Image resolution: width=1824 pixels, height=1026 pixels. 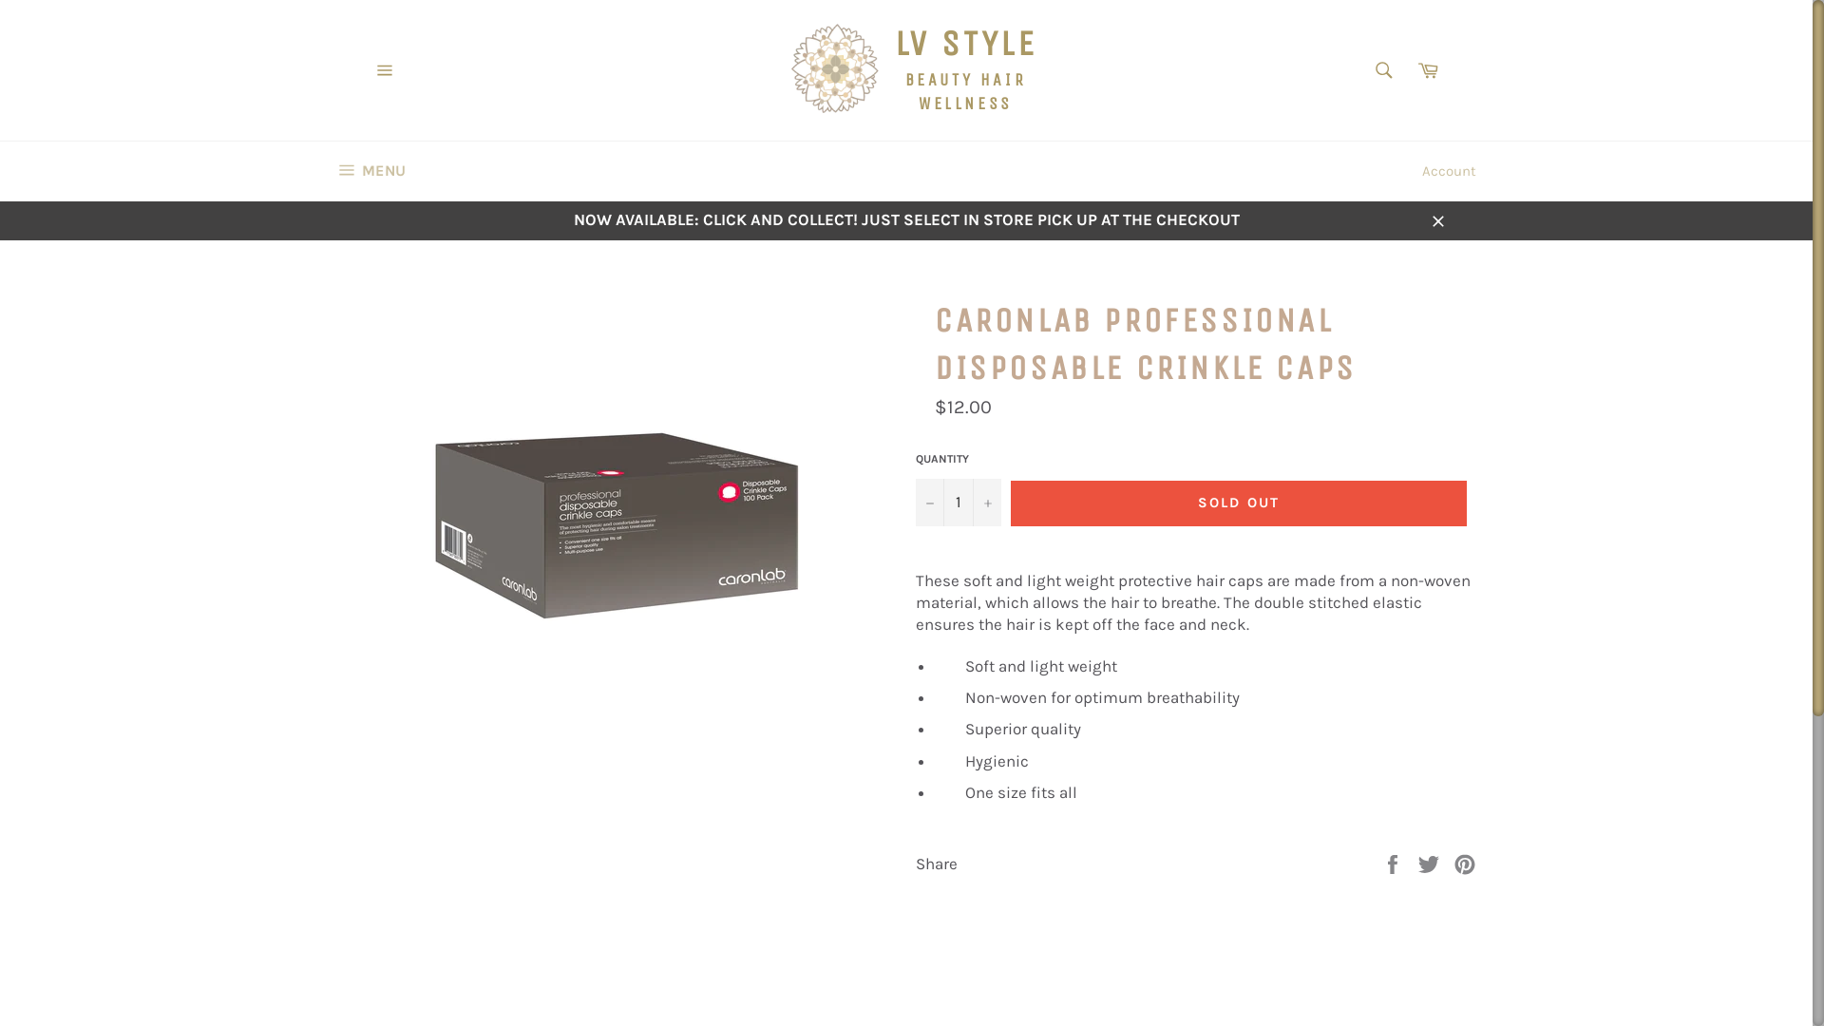 I want to click on 'LV STYLE, so click(x=905, y=68).